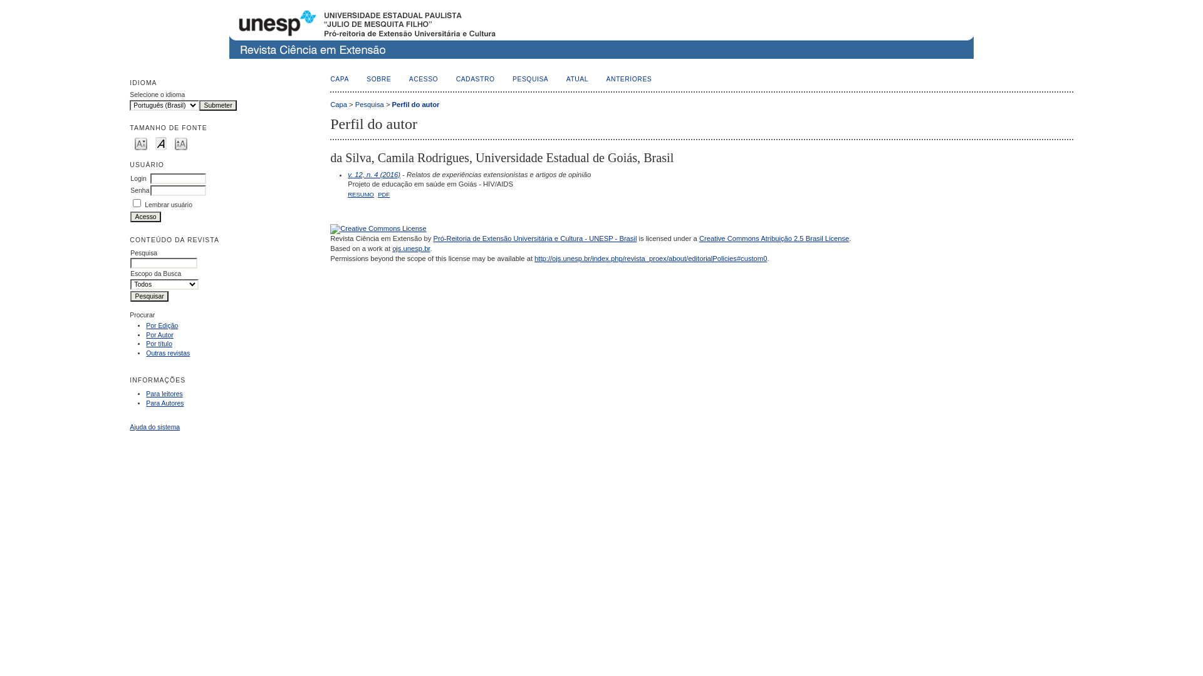  Describe the element at coordinates (629, 79) in the screenshot. I see `'ANTERIORES'` at that location.